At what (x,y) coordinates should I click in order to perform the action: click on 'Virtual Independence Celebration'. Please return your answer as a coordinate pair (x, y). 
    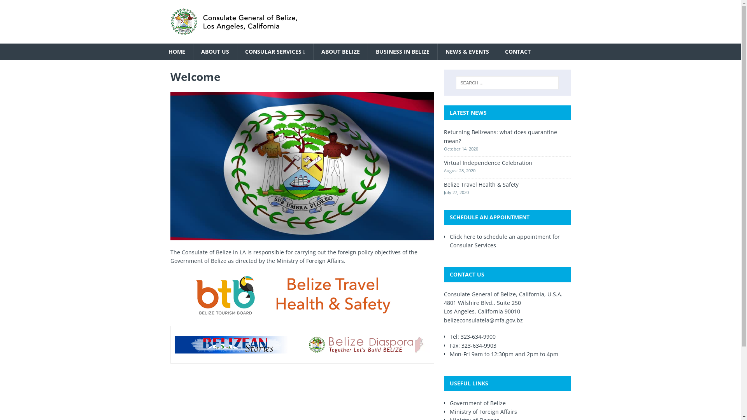
    Looking at the image, I should click on (444, 162).